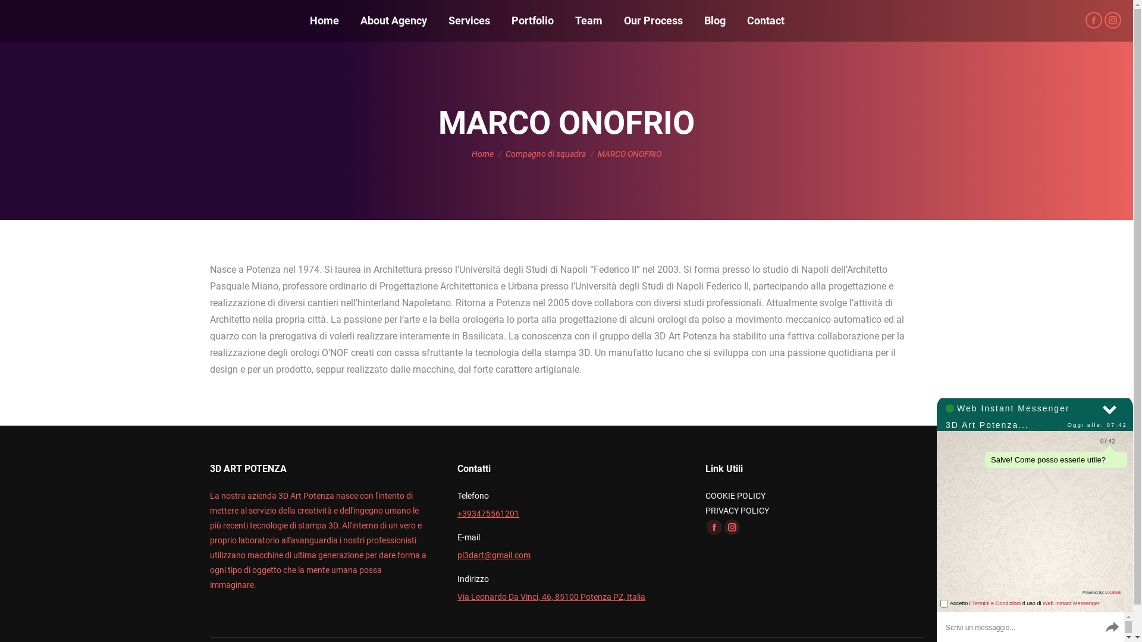 The image size is (1142, 642). What do you see at coordinates (468, 20) in the screenshot?
I see `'Services'` at bounding box center [468, 20].